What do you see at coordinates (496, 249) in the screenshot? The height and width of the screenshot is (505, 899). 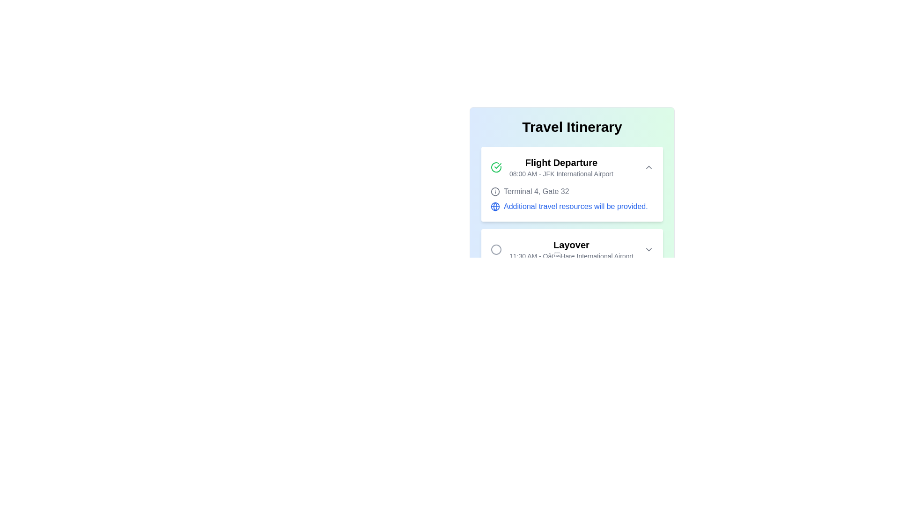 I see `the minimalistic gray circular icon located to the left of the 'Layover' text in the 'Travel Itinerary' interface` at bounding box center [496, 249].